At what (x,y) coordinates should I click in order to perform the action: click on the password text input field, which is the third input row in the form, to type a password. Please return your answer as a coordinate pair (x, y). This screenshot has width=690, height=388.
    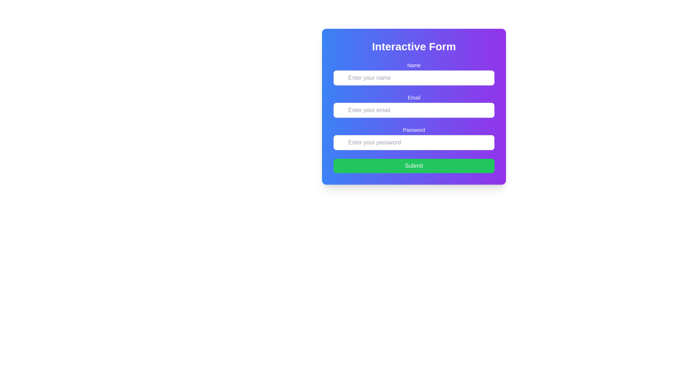
    Looking at the image, I should click on (414, 138).